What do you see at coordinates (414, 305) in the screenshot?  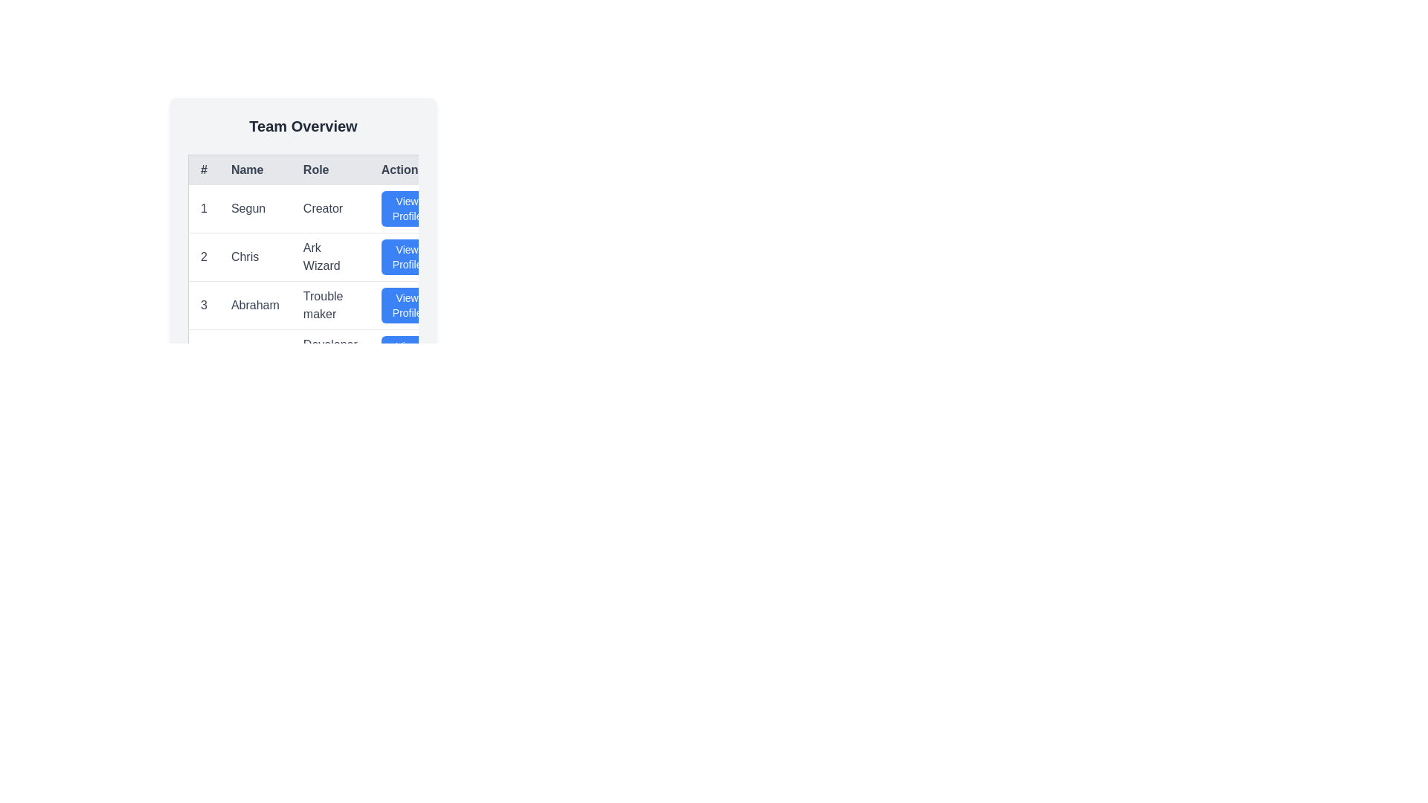 I see `the 'View Profile' button with a blue background and white text in the 'Action' column of the 'Team Overview' table` at bounding box center [414, 305].